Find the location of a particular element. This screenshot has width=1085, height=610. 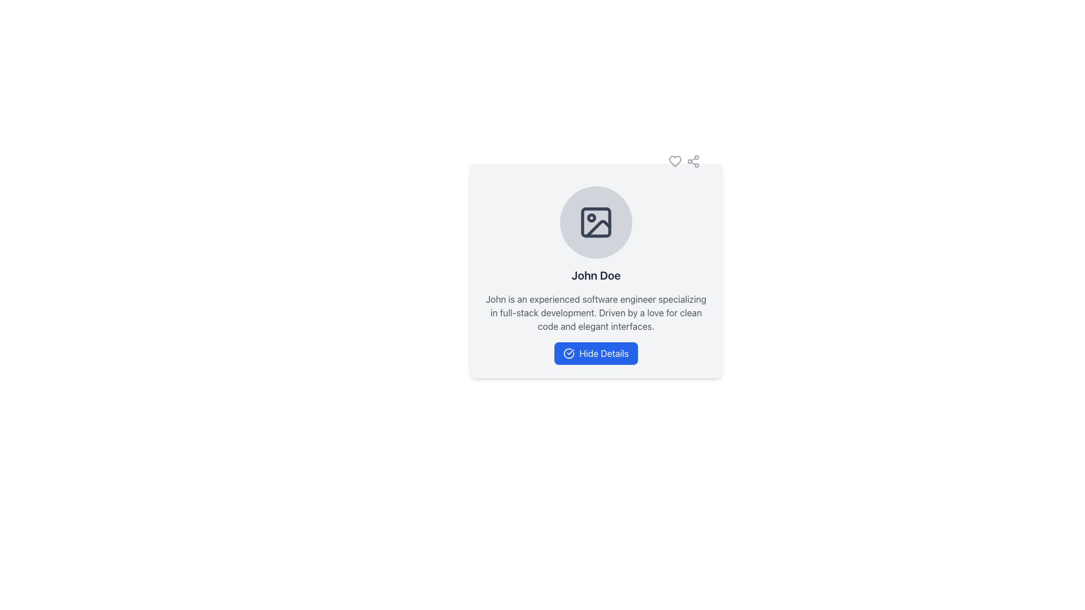

the Text Label that displays the name of the individual in the card layout, located under the circular avatar and above the descriptive text is located at coordinates (596, 276).